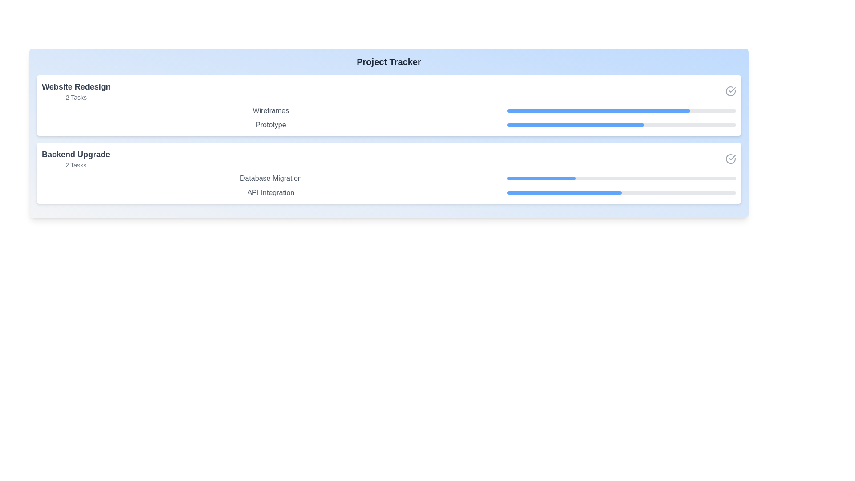 The width and height of the screenshot is (855, 481). What do you see at coordinates (389, 192) in the screenshot?
I see `details of the 'API Integration' task item with a progress bar located under 'Database Migration' in the 'Backend Upgrade' list` at bounding box center [389, 192].